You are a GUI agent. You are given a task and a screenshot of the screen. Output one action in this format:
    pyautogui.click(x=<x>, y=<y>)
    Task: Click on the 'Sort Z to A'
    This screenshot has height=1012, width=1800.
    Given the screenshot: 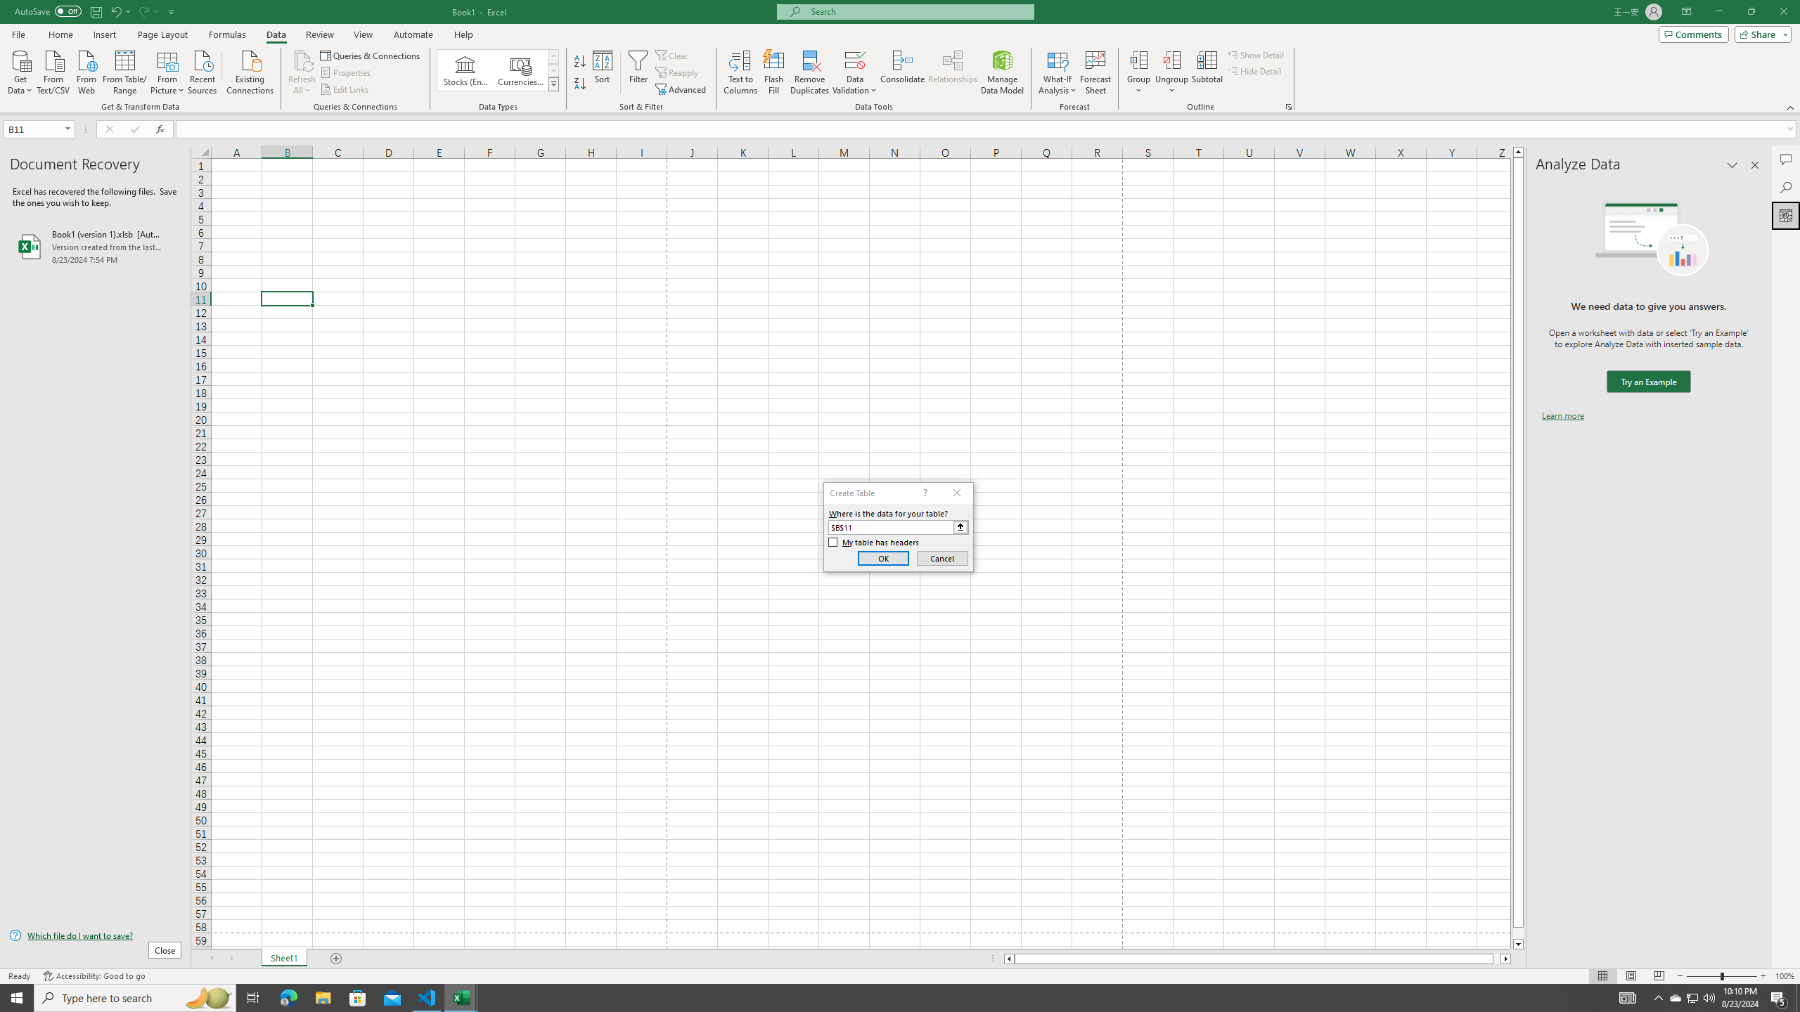 What is the action you would take?
    pyautogui.click(x=579, y=83)
    